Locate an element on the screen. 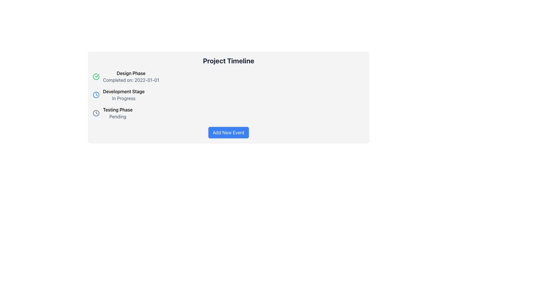 The height and width of the screenshot is (308, 548). the clock icon, which is a gray circular icon with clock hands, positioned to the left of the text 'Testing Phase Pending' is located at coordinates (96, 113).